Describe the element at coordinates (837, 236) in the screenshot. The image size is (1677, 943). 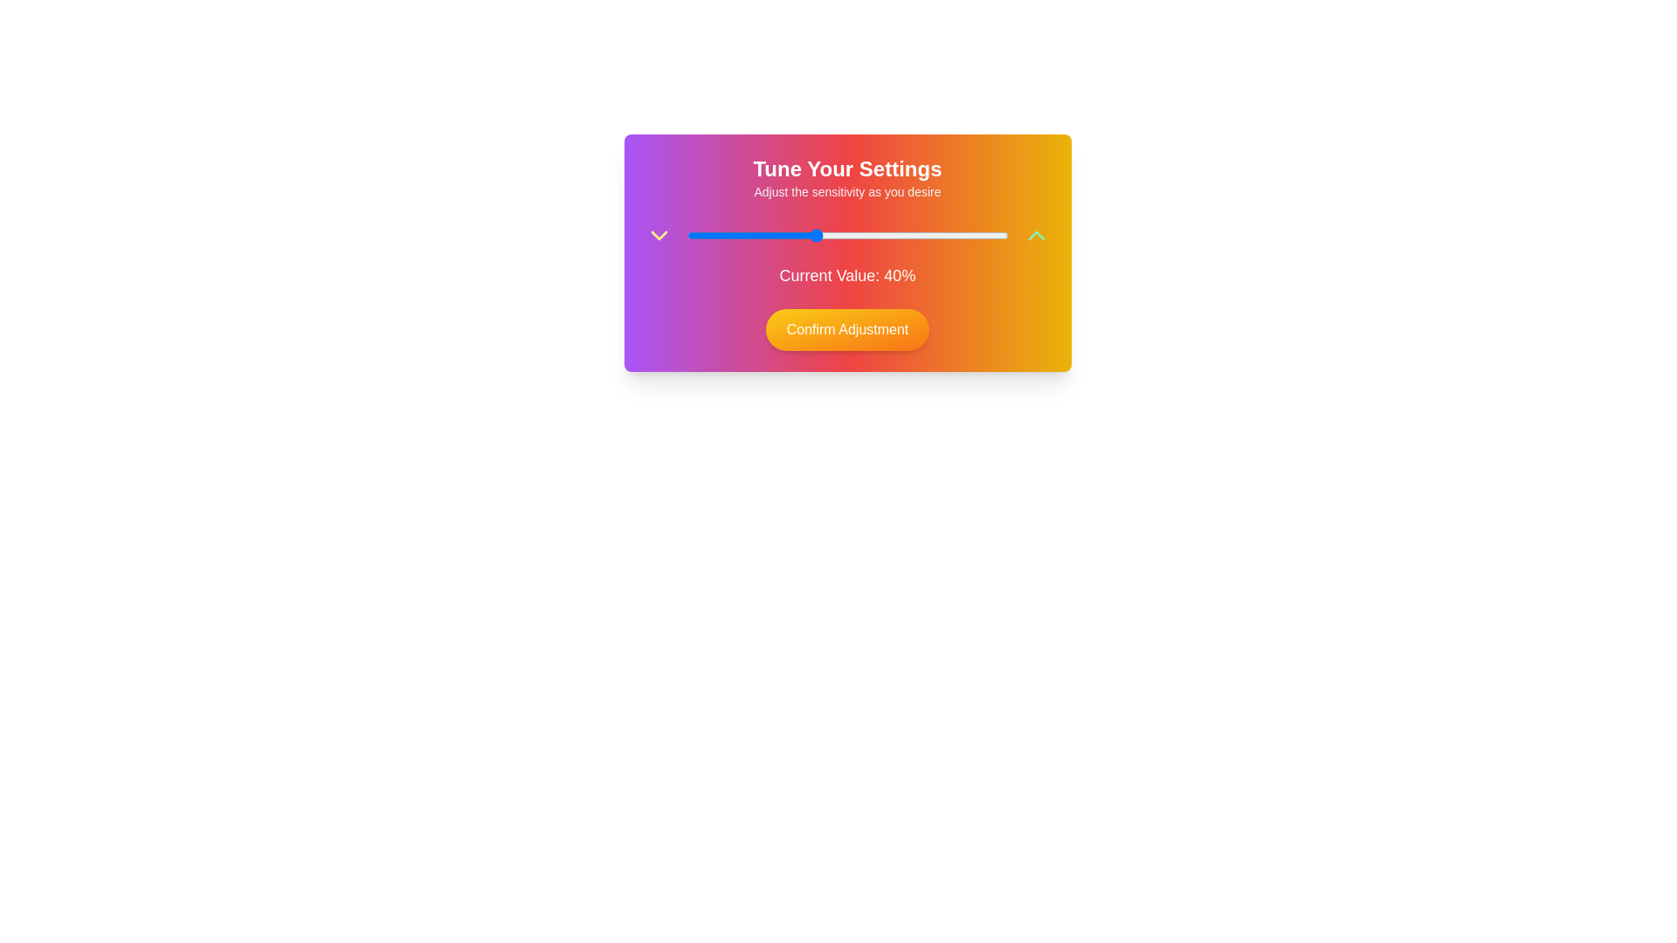
I see `the slider to set the value to 47` at that location.